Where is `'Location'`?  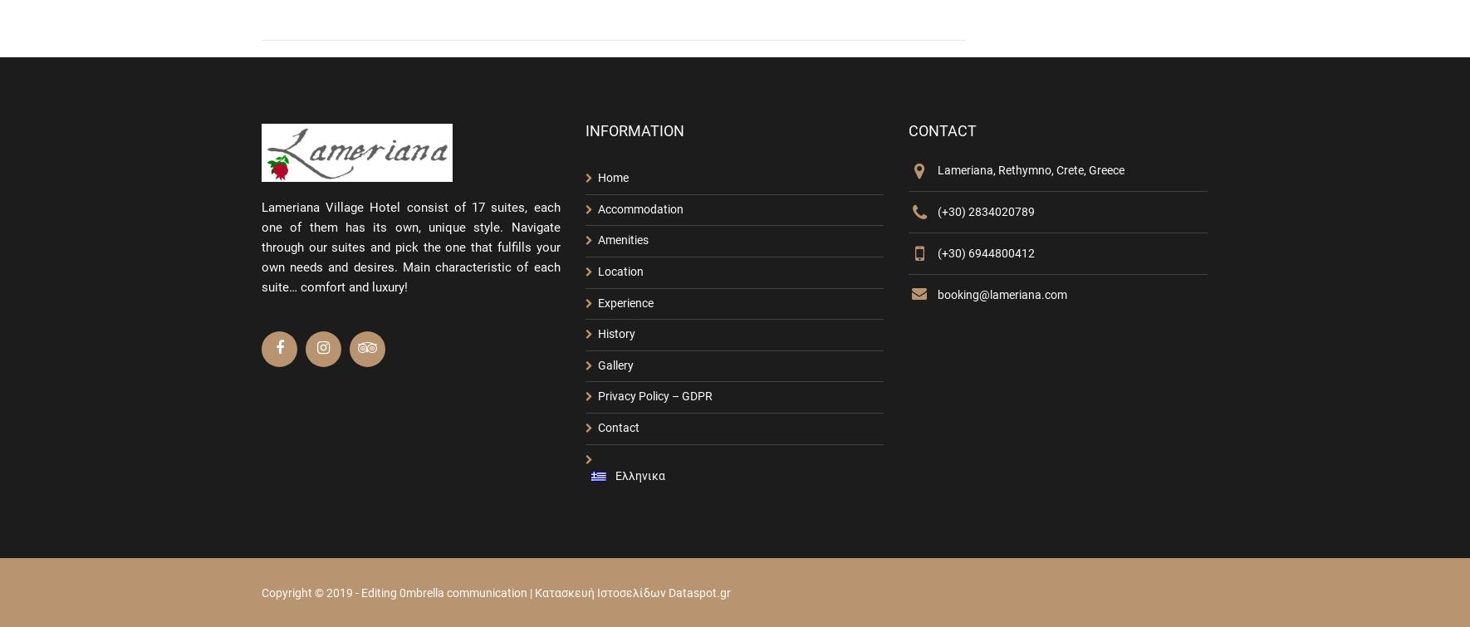
'Location' is located at coordinates (595, 271).